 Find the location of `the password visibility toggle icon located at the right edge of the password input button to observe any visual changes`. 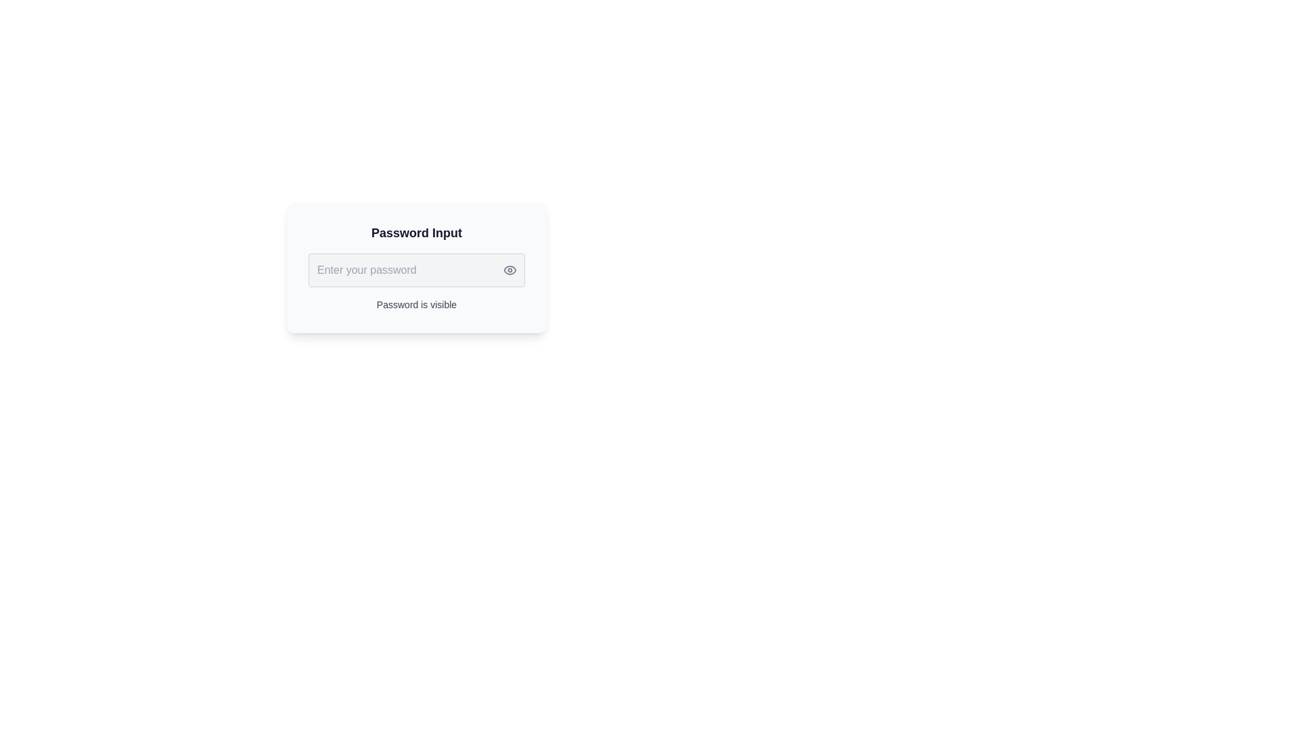

the password visibility toggle icon located at the right edge of the password input button to observe any visual changes is located at coordinates (509, 270).